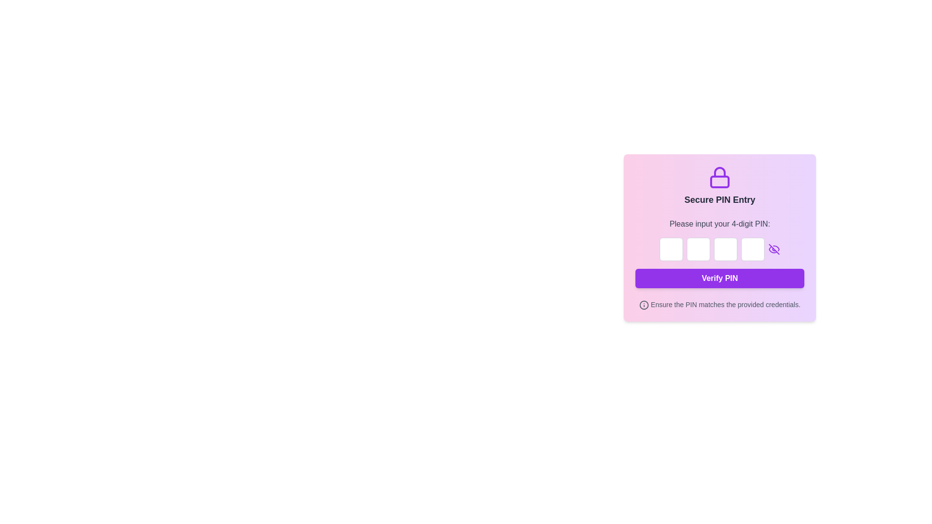 Image resolution: width=932 pixels, height=524 pixels. What do you see at coordinates (720, 304) in the screenshot?
I see `the information icon located to the left of the text block that reads 'Ensure the PIN matches the provided credentials.'` at bounding box center [720, 304].